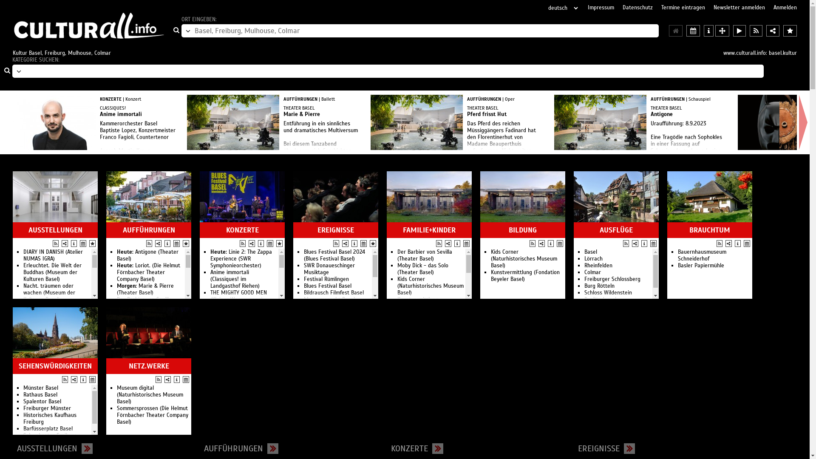 Image resolution: width=816 pixels, height=459 pixels. I want to click on 'Dino & Saurier (Naturhistorisches Museum Basel)', so click(56, 429).